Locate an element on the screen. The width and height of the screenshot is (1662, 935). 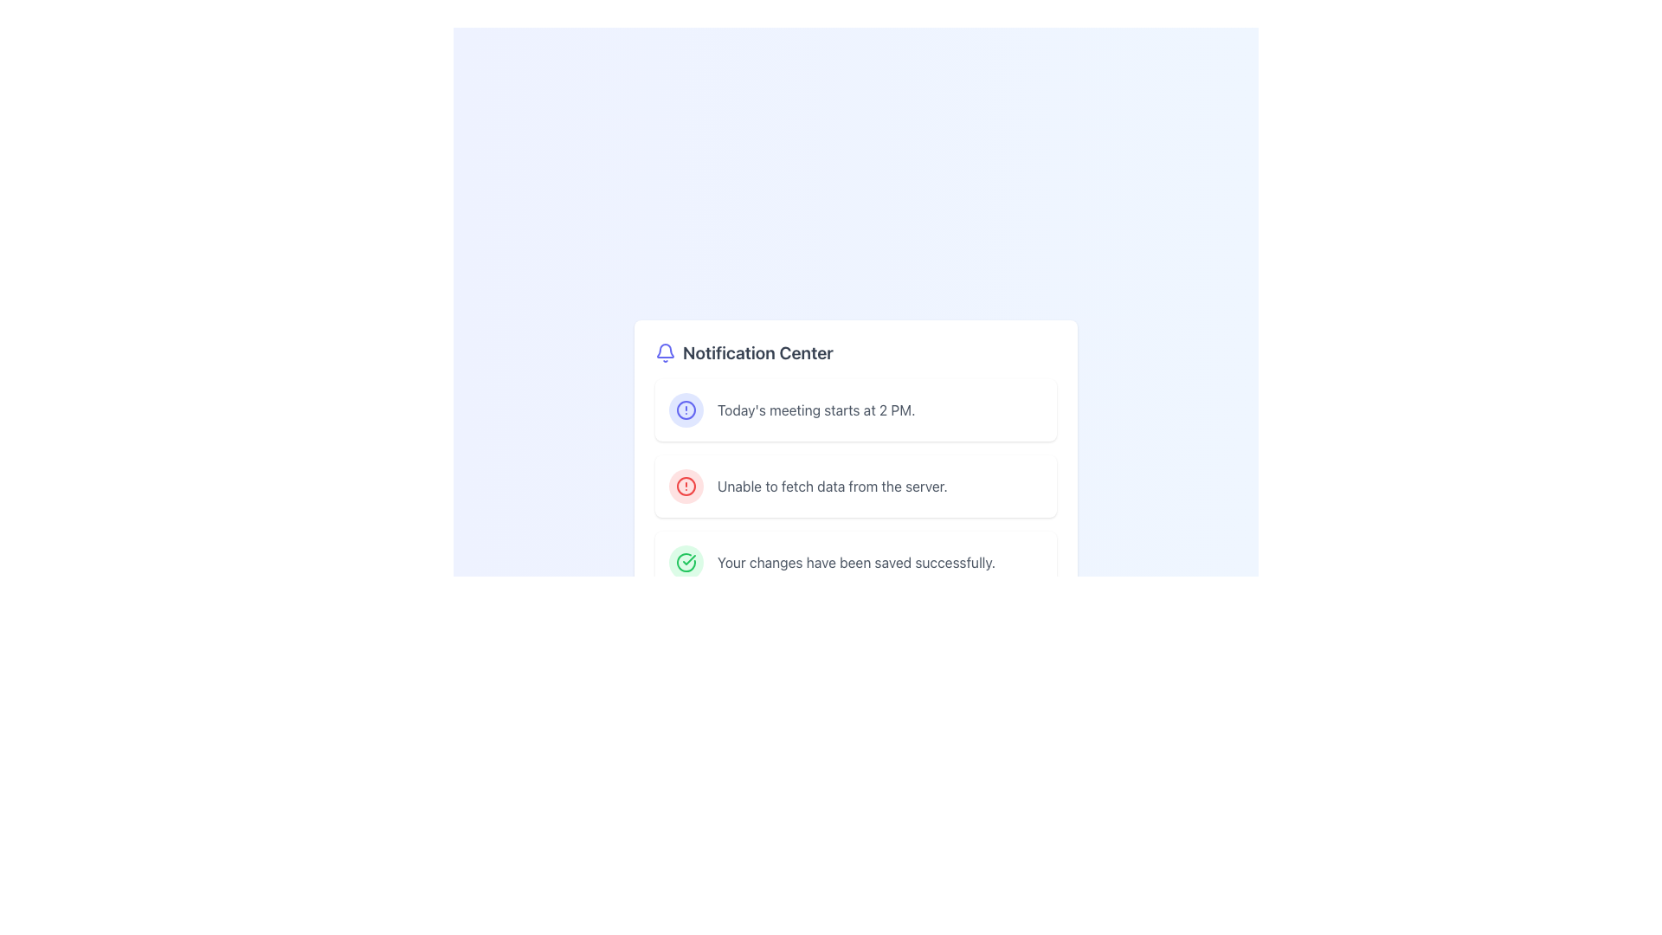
text label displaying 'Your changes have been saved successfully.' located in the Notification Center panel, which is aligned horizontally next to a green circular icon with a checkmark is located at coordinates (856, 563).